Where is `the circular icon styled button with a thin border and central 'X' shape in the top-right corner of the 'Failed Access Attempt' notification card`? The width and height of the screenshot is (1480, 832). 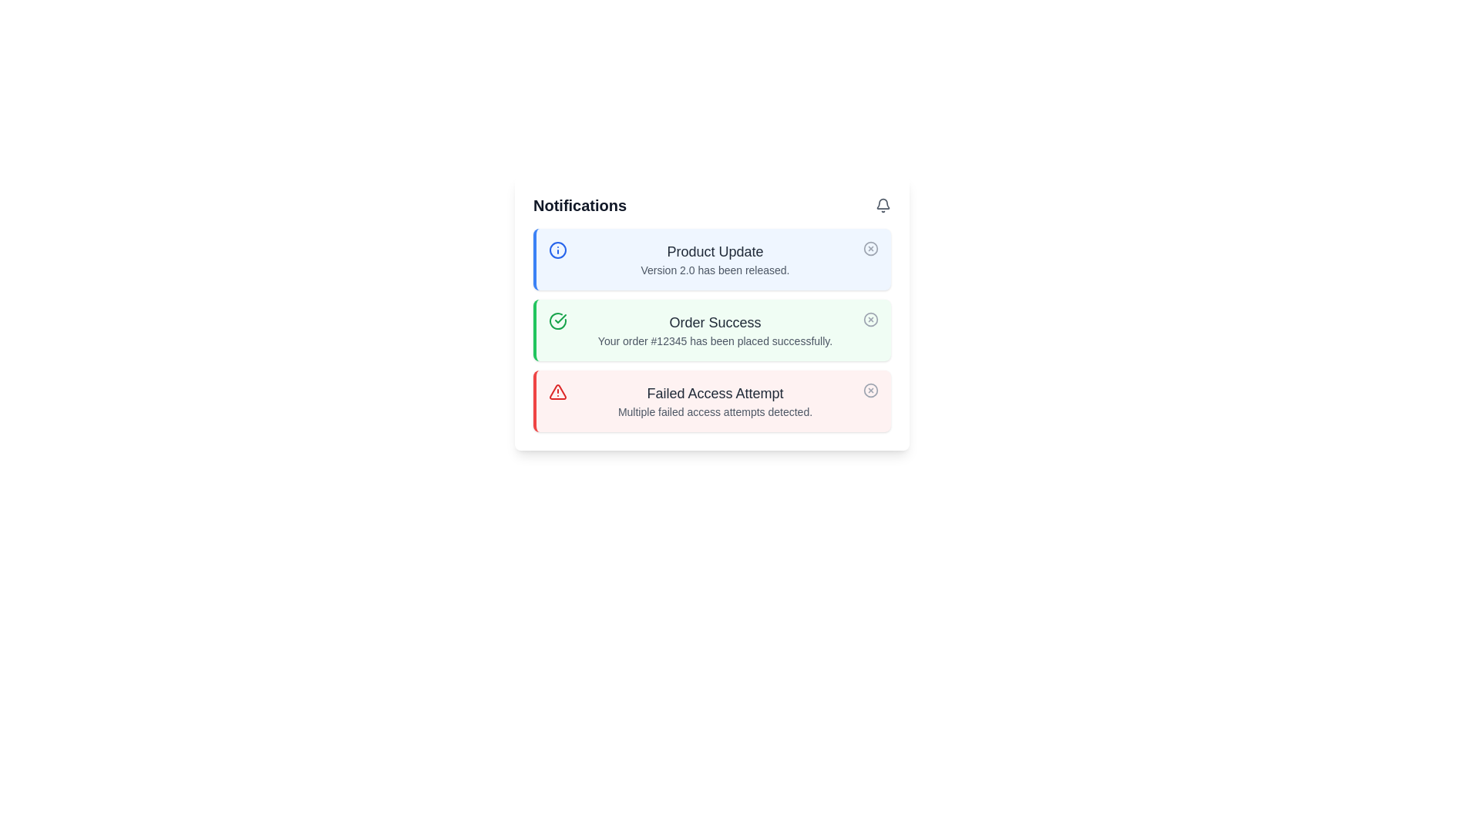 the circular icon styled button with a thin border and central 'X' shape in the top-right corner of the 'Failed Access Attempt' notification card is located at coordinates (870, 389).